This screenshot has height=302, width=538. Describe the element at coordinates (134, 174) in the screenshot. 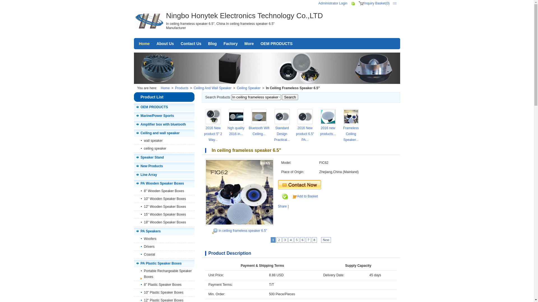

I see `'Line Array'` at that location.